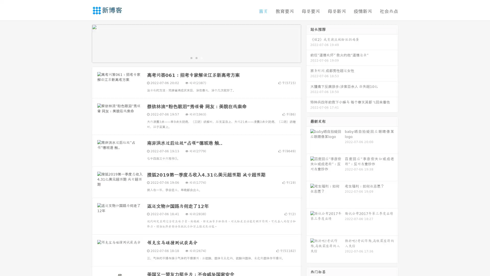  Describe the element at coordinates (201, 57) in the screenshot. I see `Go to slide 3` at that location.